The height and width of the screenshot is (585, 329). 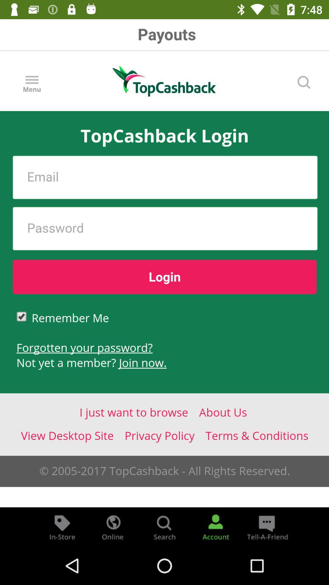 What do you see at coordinates (266, 526) in the screenshot?
I see `share the item` at bounding box center [266, 526].